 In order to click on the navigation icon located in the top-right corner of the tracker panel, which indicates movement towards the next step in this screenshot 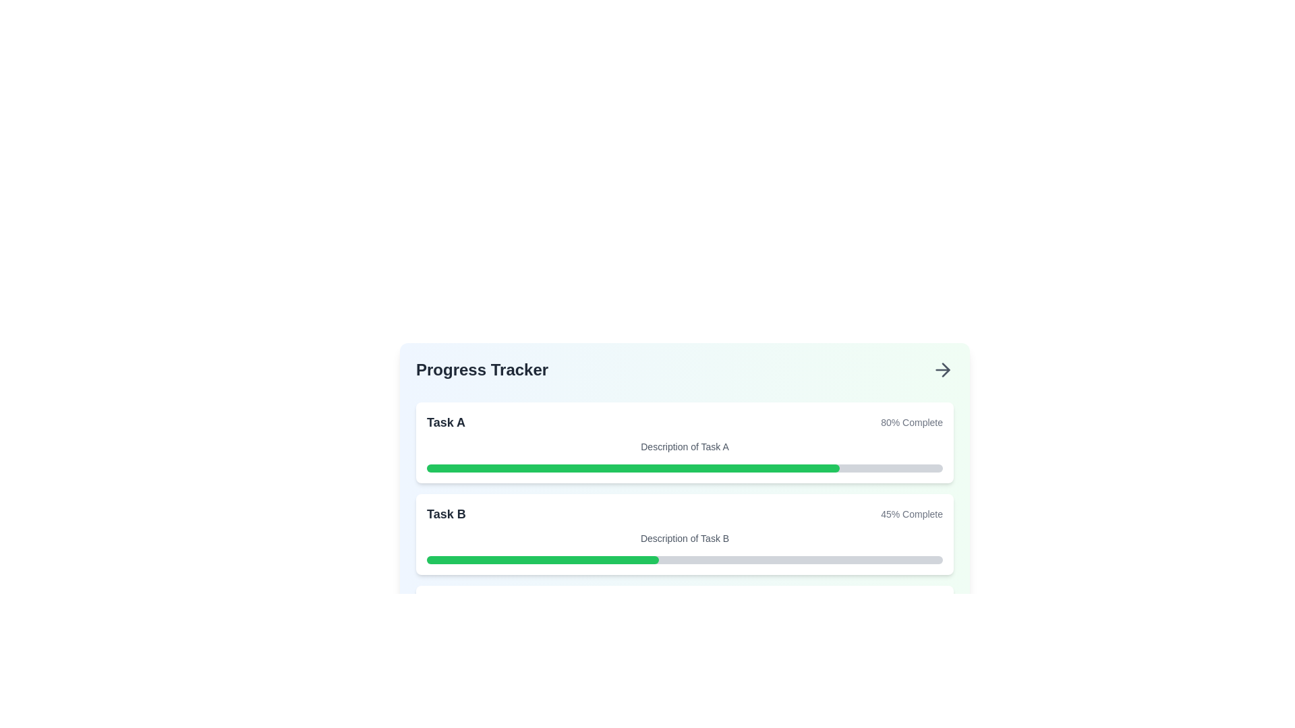, I will do `click(945, 369)`.